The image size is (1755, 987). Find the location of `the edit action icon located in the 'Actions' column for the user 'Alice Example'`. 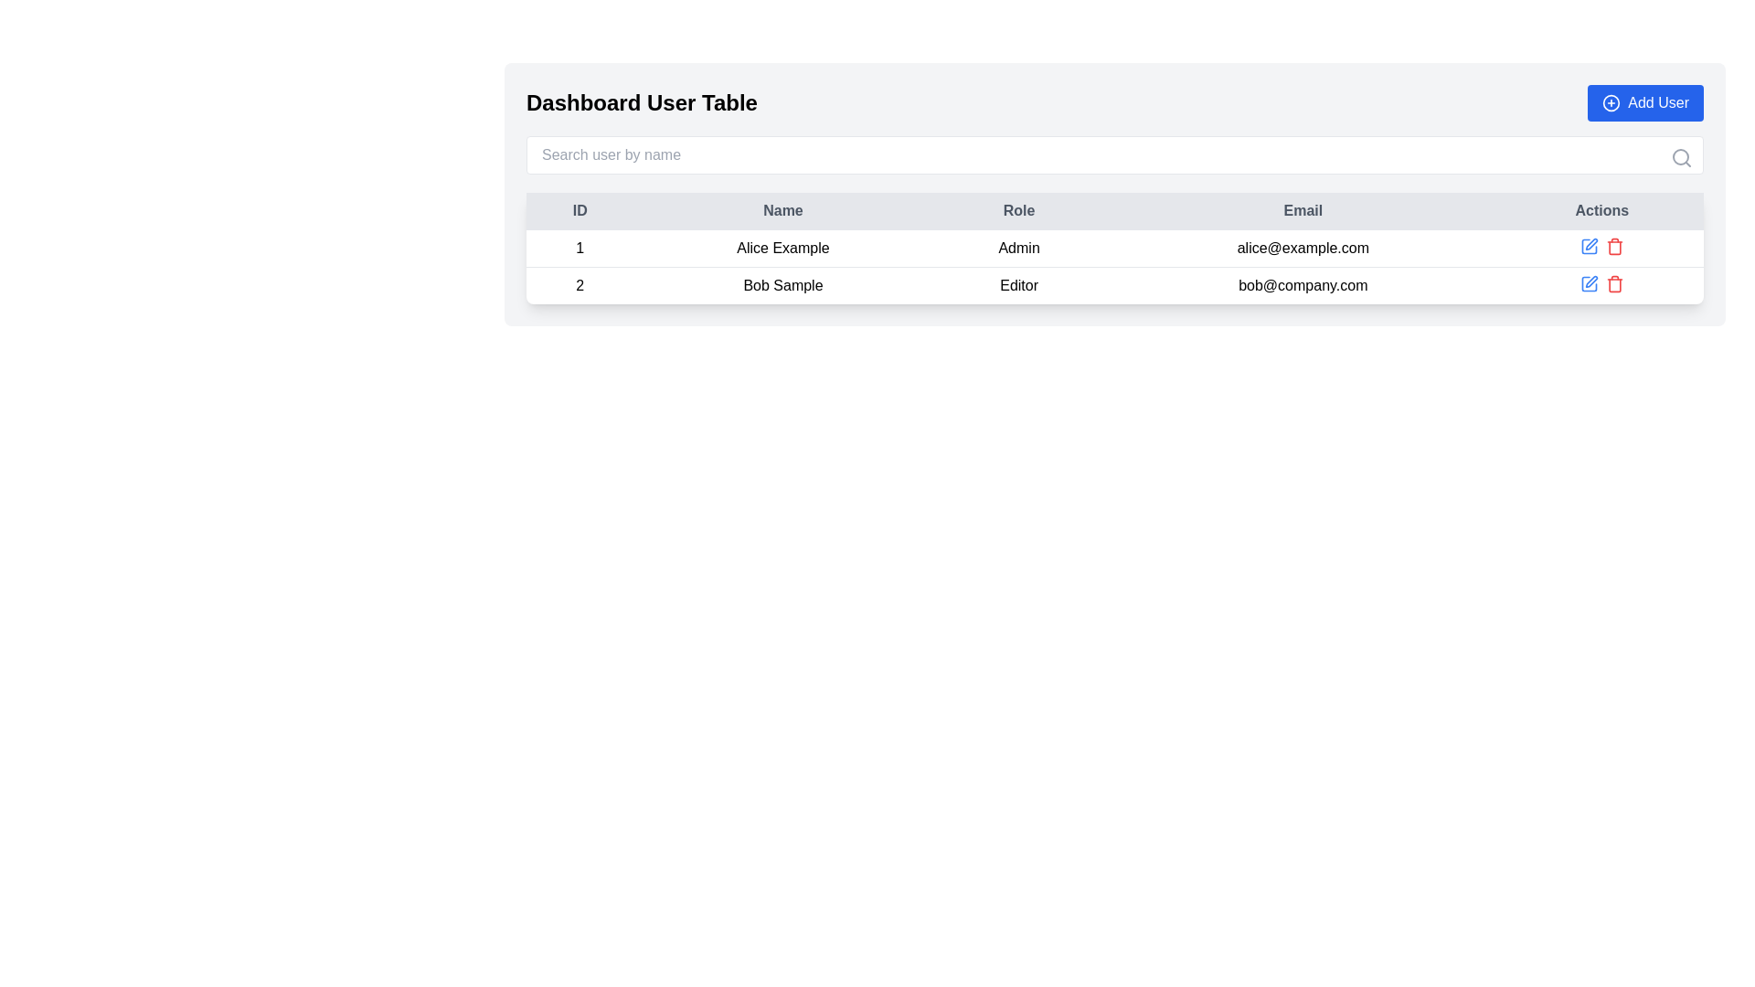

the edit action icon located in the 'Actions' column for the user 'Alice Example' is located at coordinates (1590, 243).